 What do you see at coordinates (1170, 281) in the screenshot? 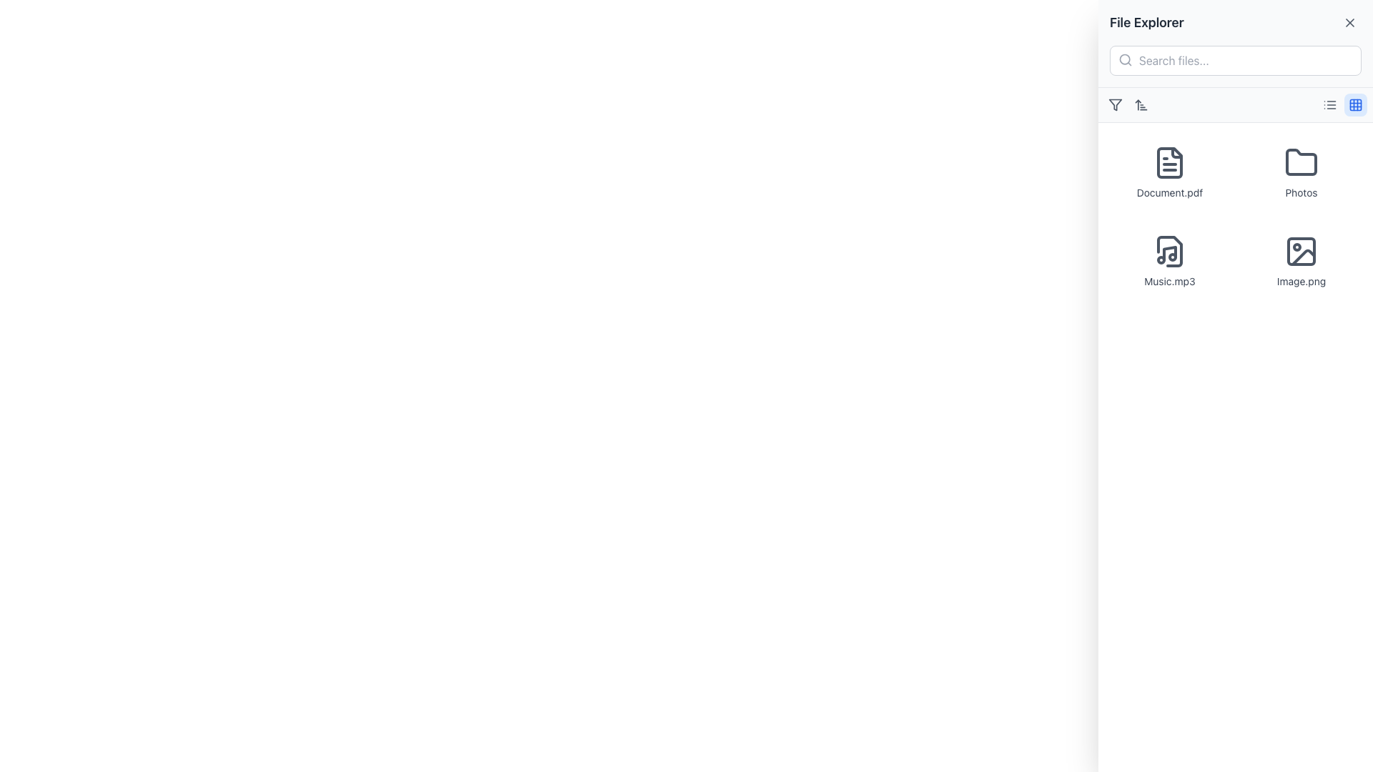
I see `the text label displaying 'Music.mp3' in gray color located in the lower part of a file preview card in the second row and first column of the file explorer interface` at bounding box center [1170, 281].